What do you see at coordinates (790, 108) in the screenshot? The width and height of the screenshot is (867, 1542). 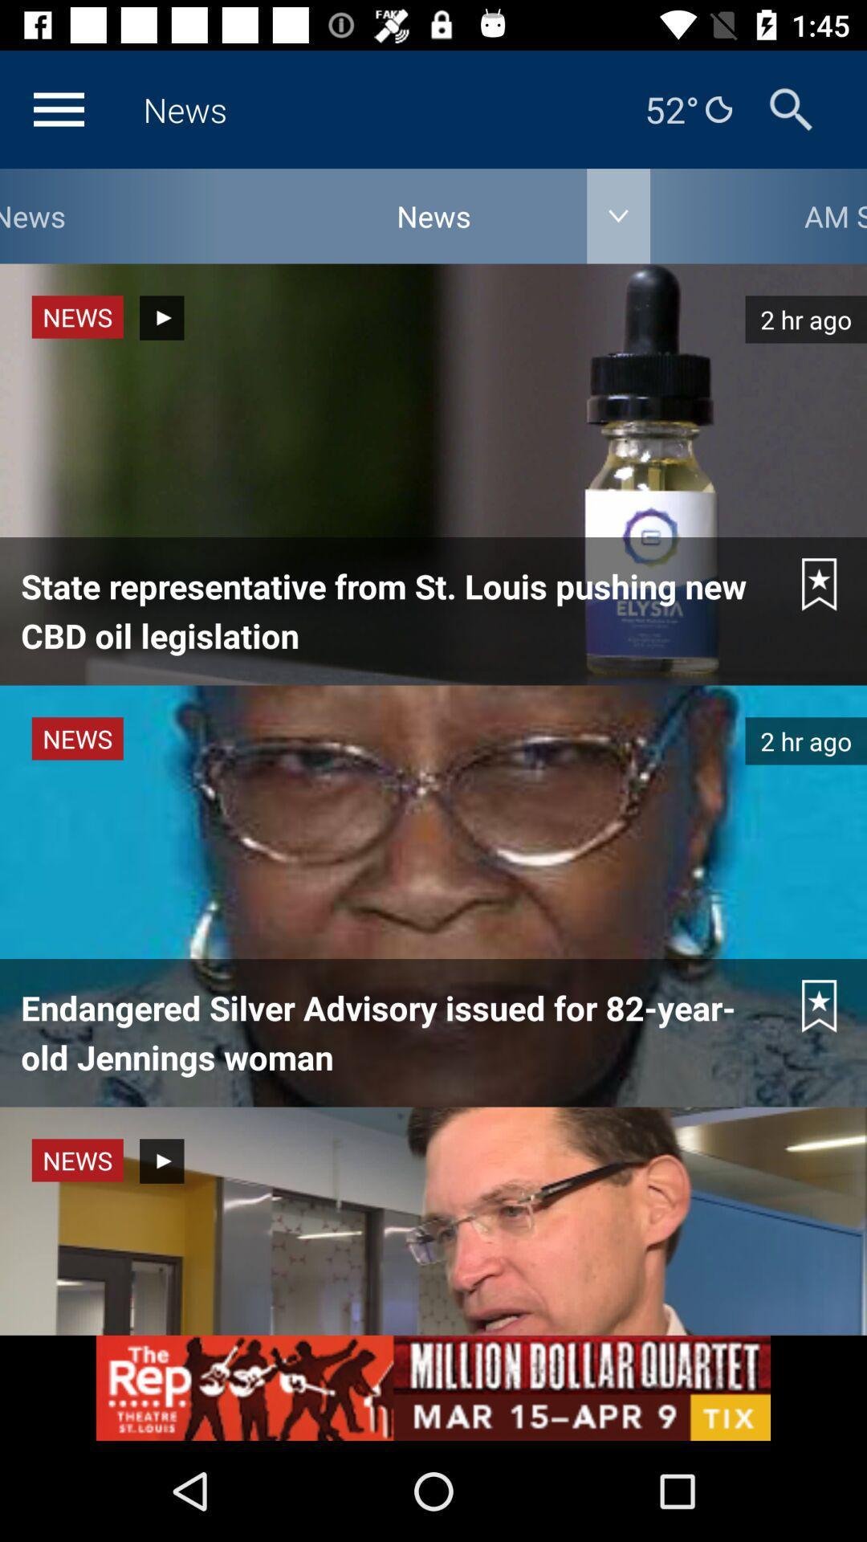 I see `the search icon` at bounding box center [790, 108].